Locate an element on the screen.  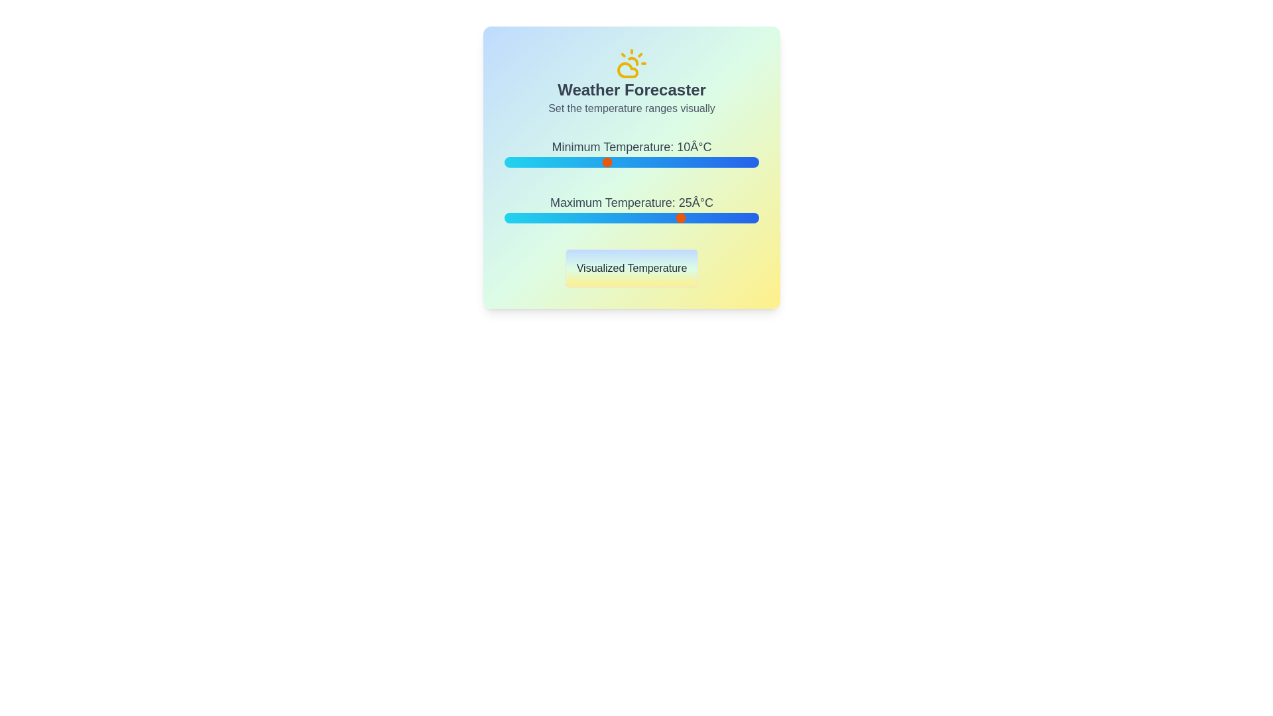
the minimum temperature slider to 12°C is located at coordinates (616, 162).